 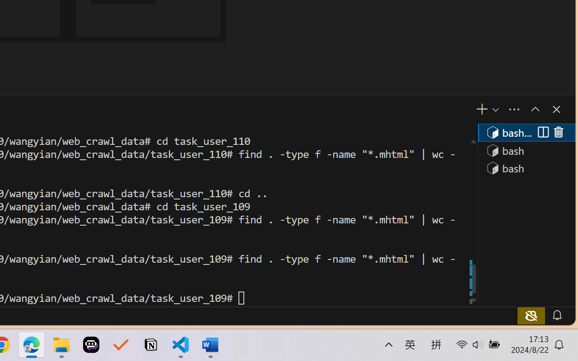 What do you see at coordinates (526, 149) in the screenshot?
I see `'Terminal 2 bash'` at bounding box center [526, 149].